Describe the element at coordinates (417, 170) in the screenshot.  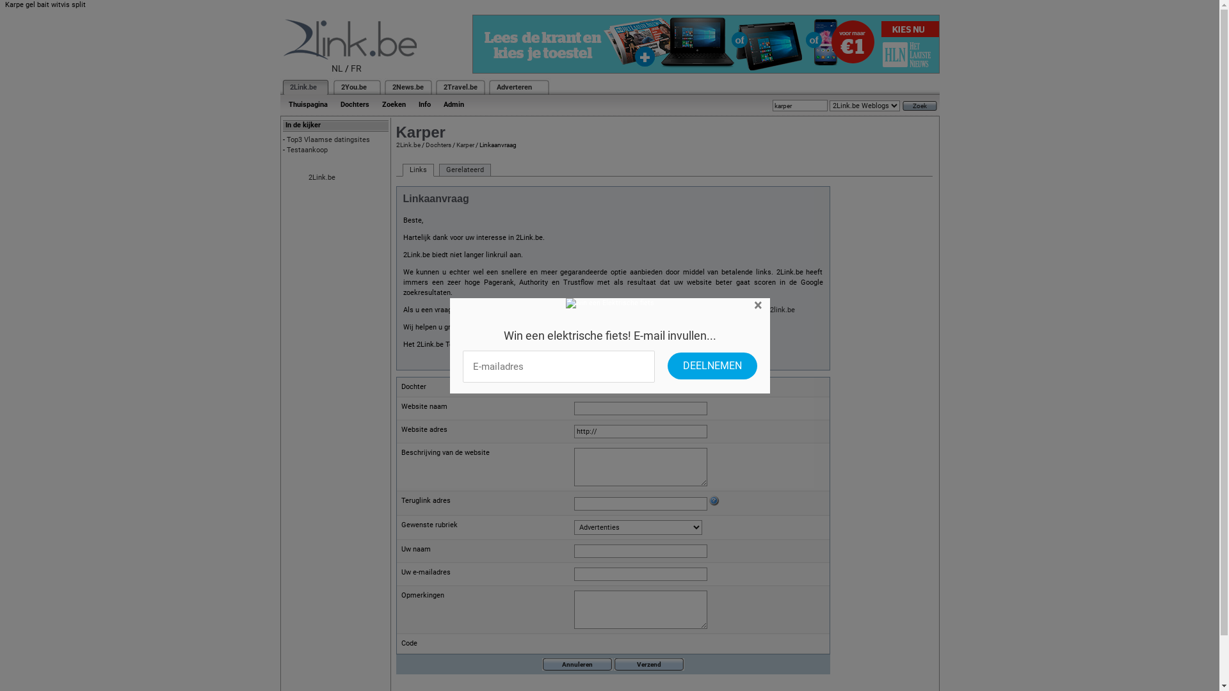
I see `'Links'` at that location.